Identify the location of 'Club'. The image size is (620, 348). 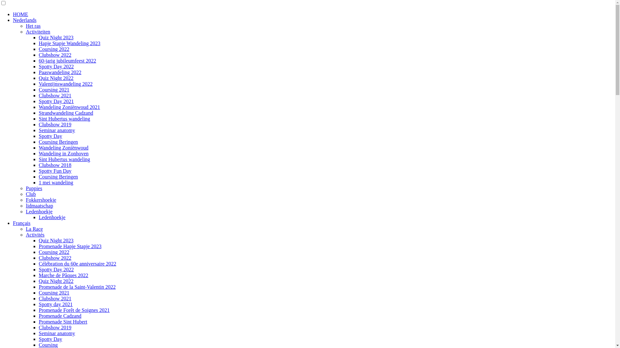
(30, 194).